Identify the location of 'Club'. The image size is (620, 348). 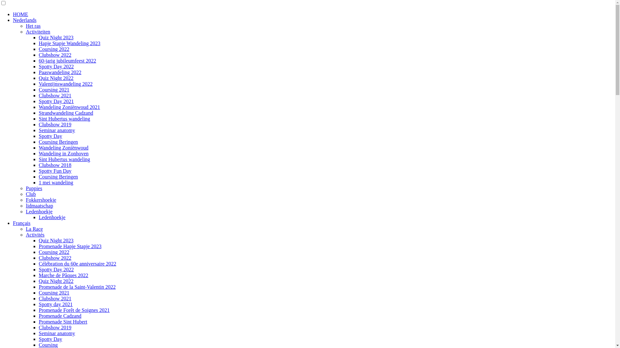
(30, 194).